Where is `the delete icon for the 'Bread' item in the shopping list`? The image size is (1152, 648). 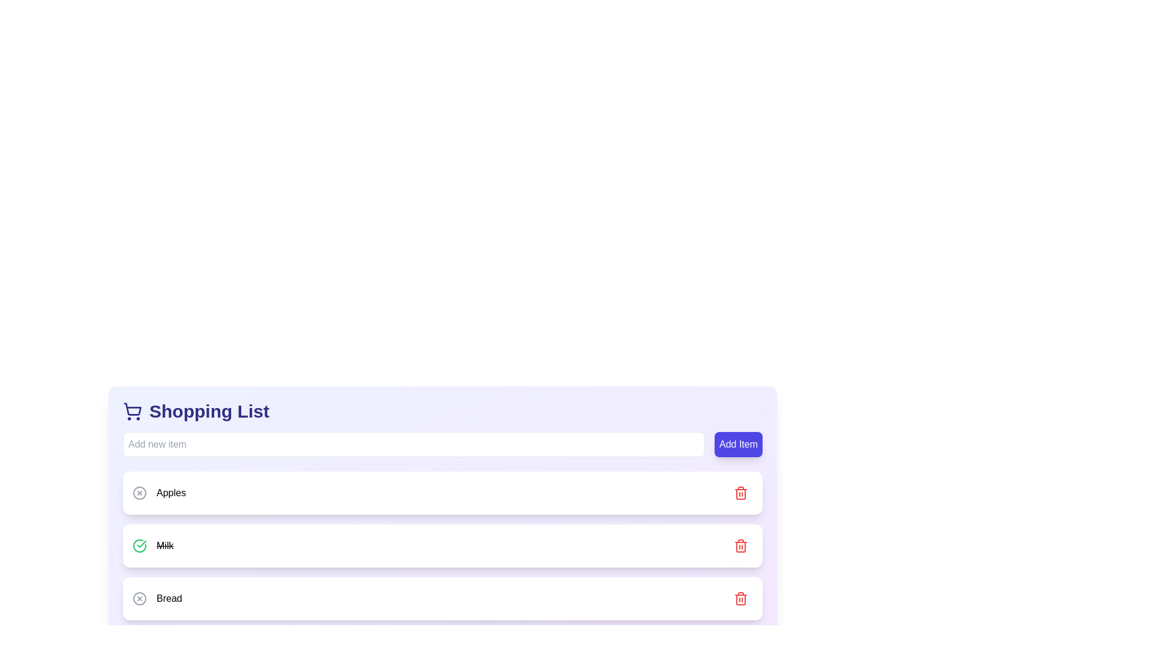
the delete icon for the 'Bread' item in the shopping list is located at coordinates (740, 599).